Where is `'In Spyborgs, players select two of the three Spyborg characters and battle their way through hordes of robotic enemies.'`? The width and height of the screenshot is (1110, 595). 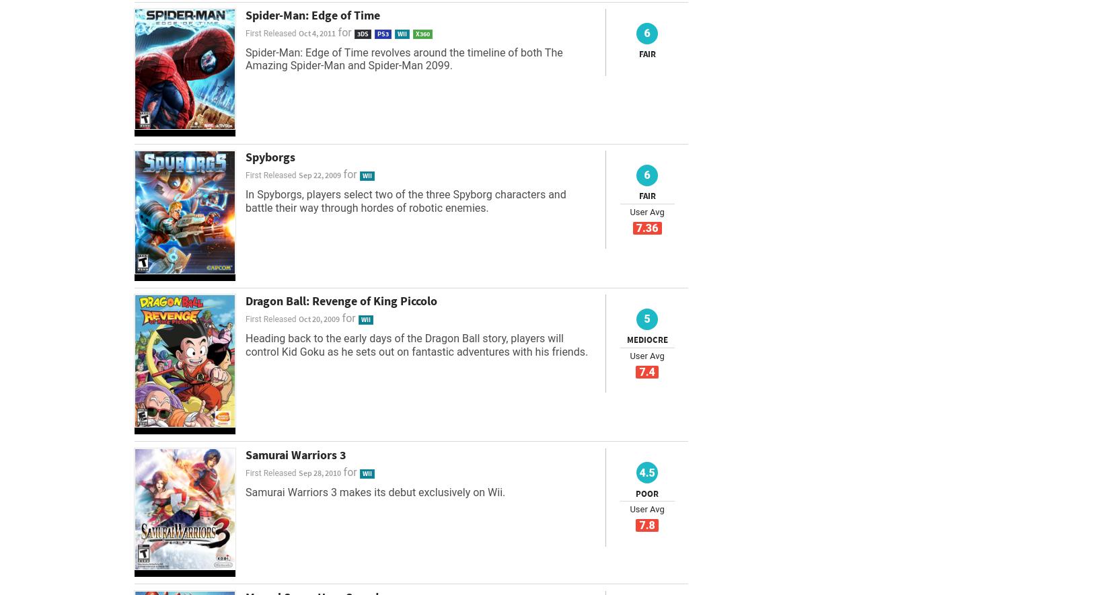 'In Spyborgs, players select two of the three Spyborg characters and battle their way through hordes of robotic enemies.' is located at coordinates (405, 200).